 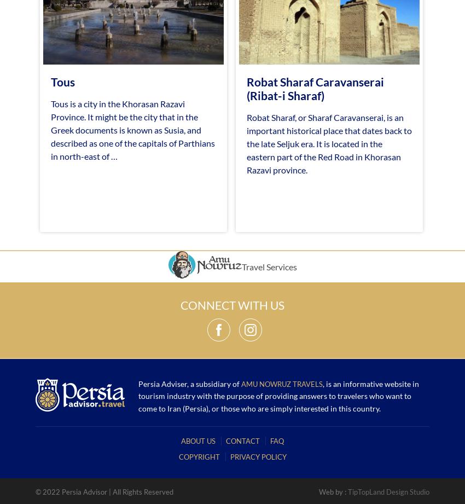 What do you see at coordinates (62, 82) in the screenshot?
I see `'Tous'` at bounding box center [62, 82].